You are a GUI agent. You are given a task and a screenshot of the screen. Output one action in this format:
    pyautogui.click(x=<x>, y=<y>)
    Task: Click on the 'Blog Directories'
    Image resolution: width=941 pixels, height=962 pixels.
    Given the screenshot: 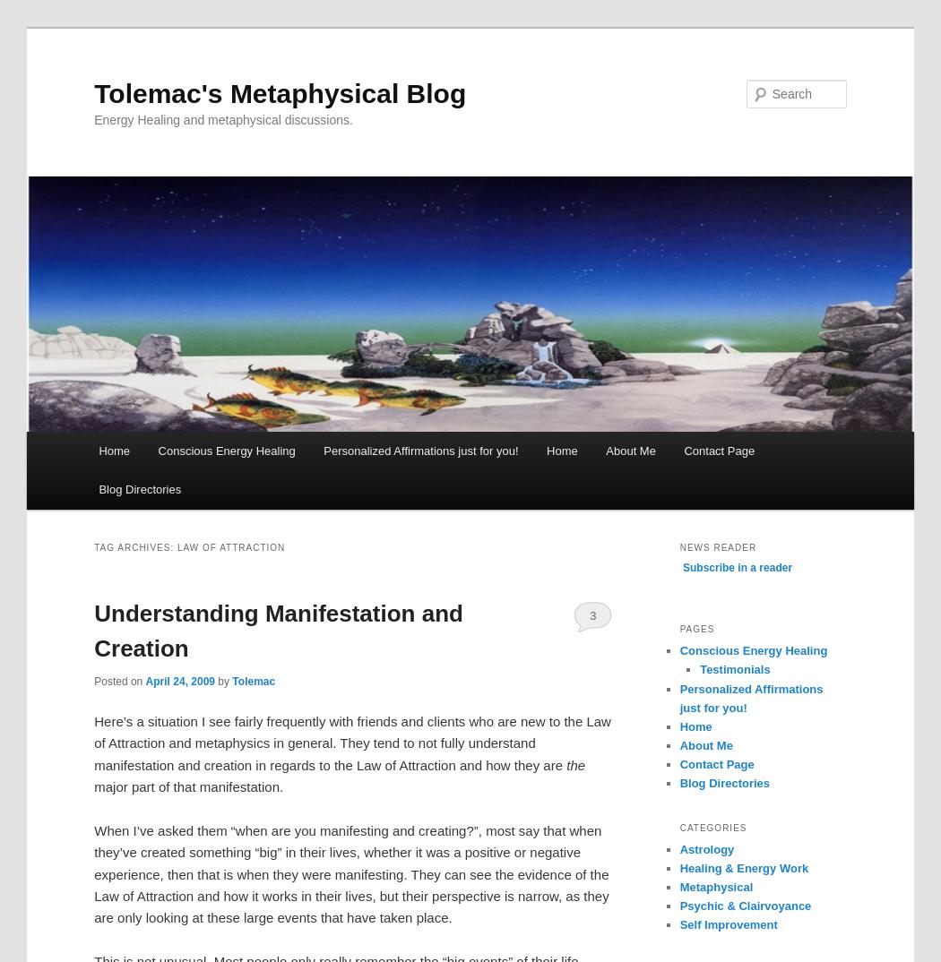 What is the action you would take?
    pyautogui.click(x=678, y=782)
    